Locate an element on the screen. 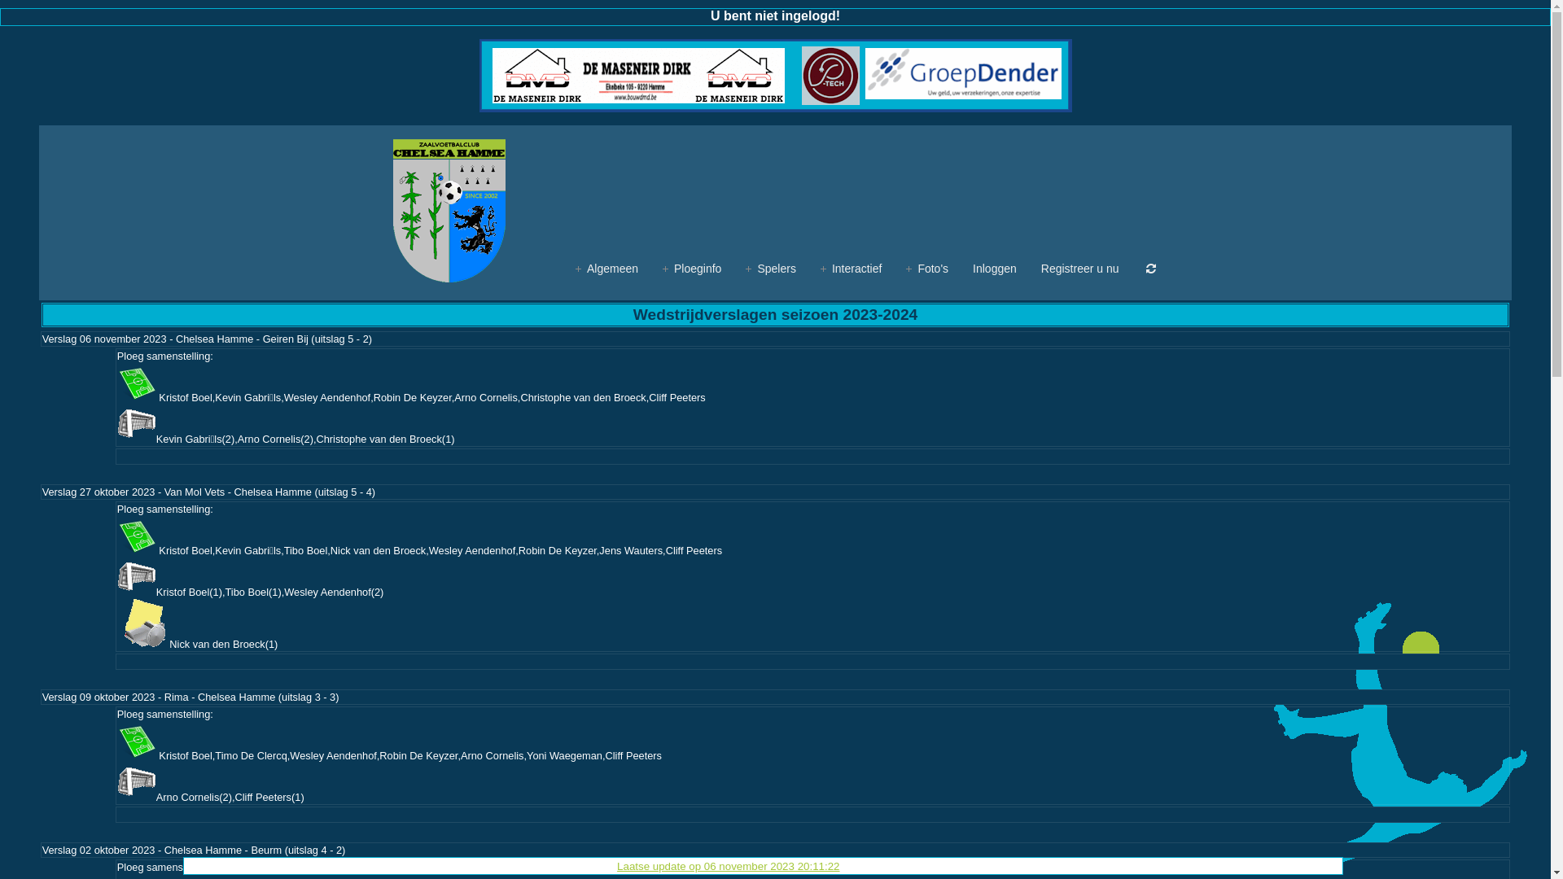 The image size is (1563, 879). 'Spelers' is located at coordinates (769, 268).